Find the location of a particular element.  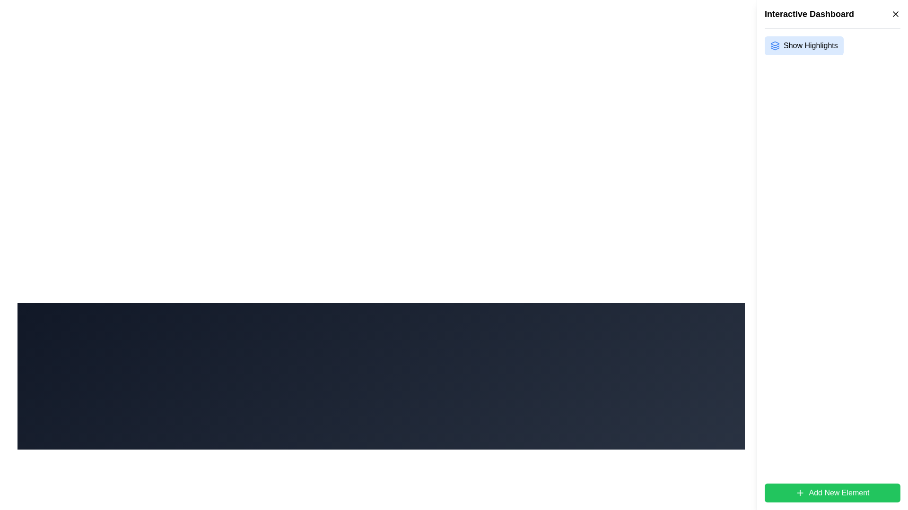

the prominent green 'Add New Element' button located at the bottom of the right sidebar is located at coordinates (832, 493).